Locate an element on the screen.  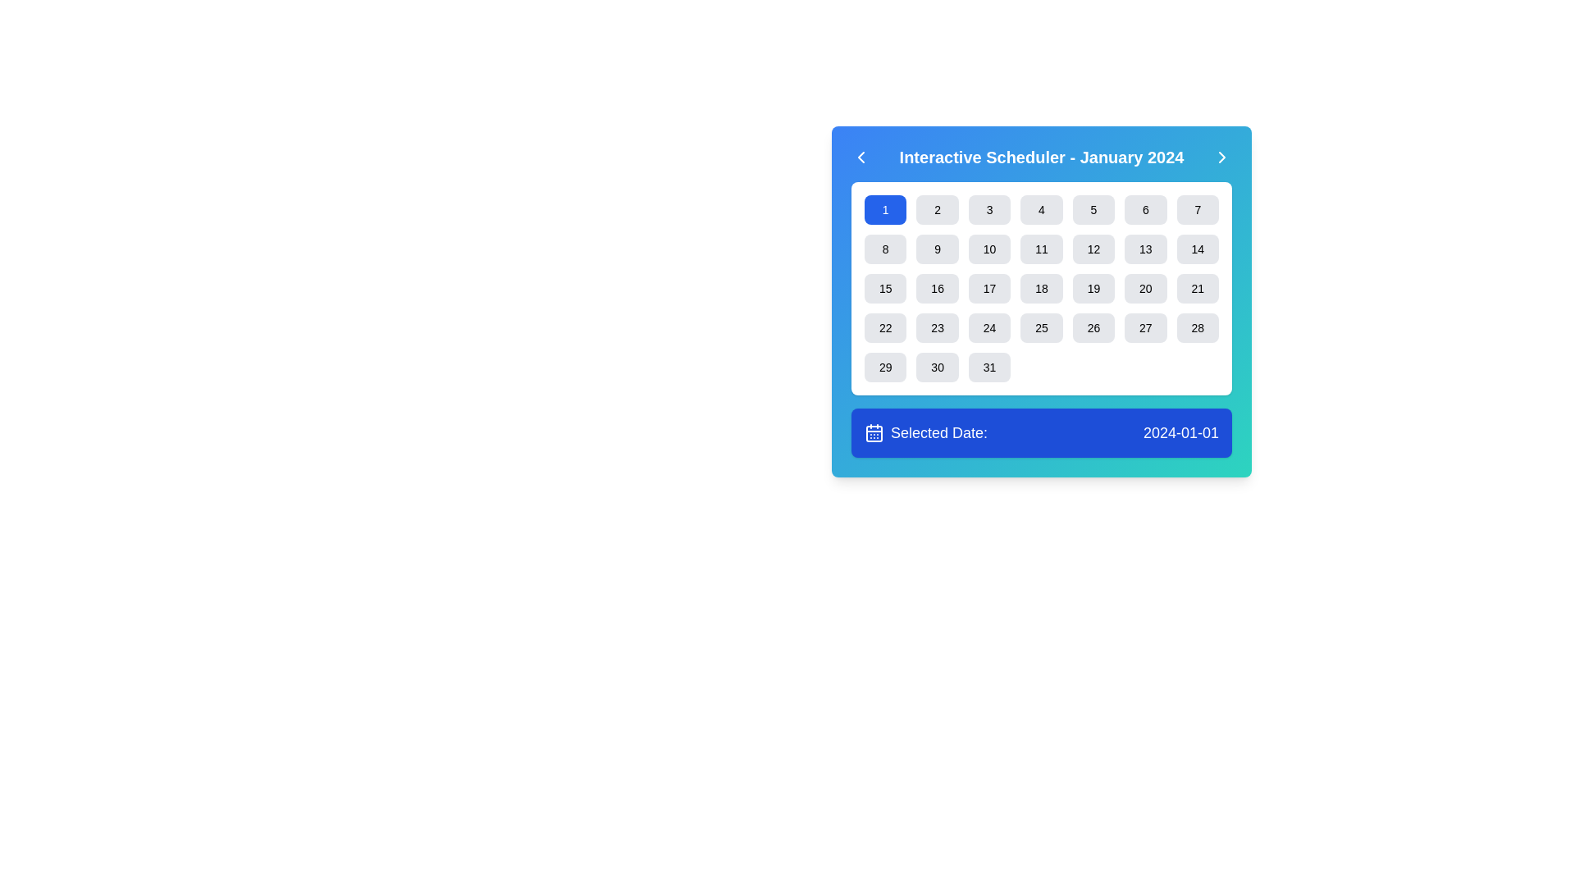
the calendar date button for the 6th day located in the first row and sixth column of the calendar grid is located at coordinates (1144, 208).